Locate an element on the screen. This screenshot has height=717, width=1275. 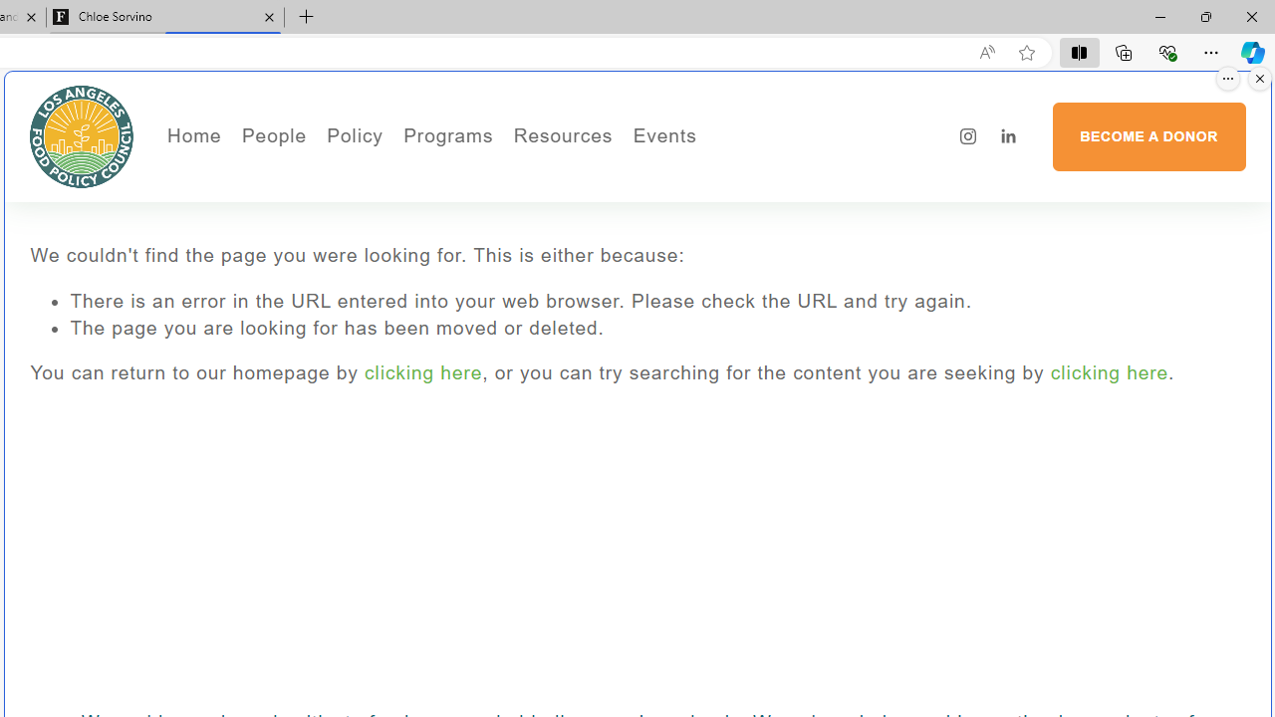
'LinkedIn' is located at coordinates (1008, 135).